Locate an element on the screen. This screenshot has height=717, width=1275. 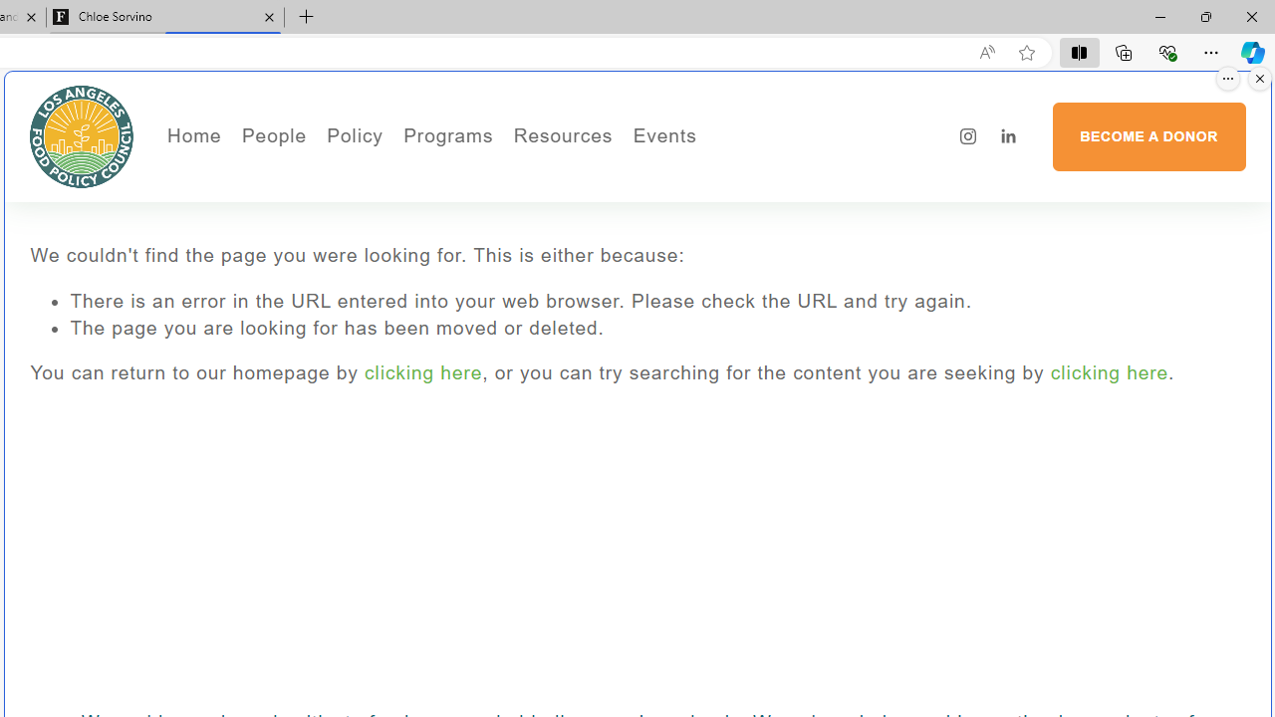
'LinkedIn' is located at coordinates (1008, 135).